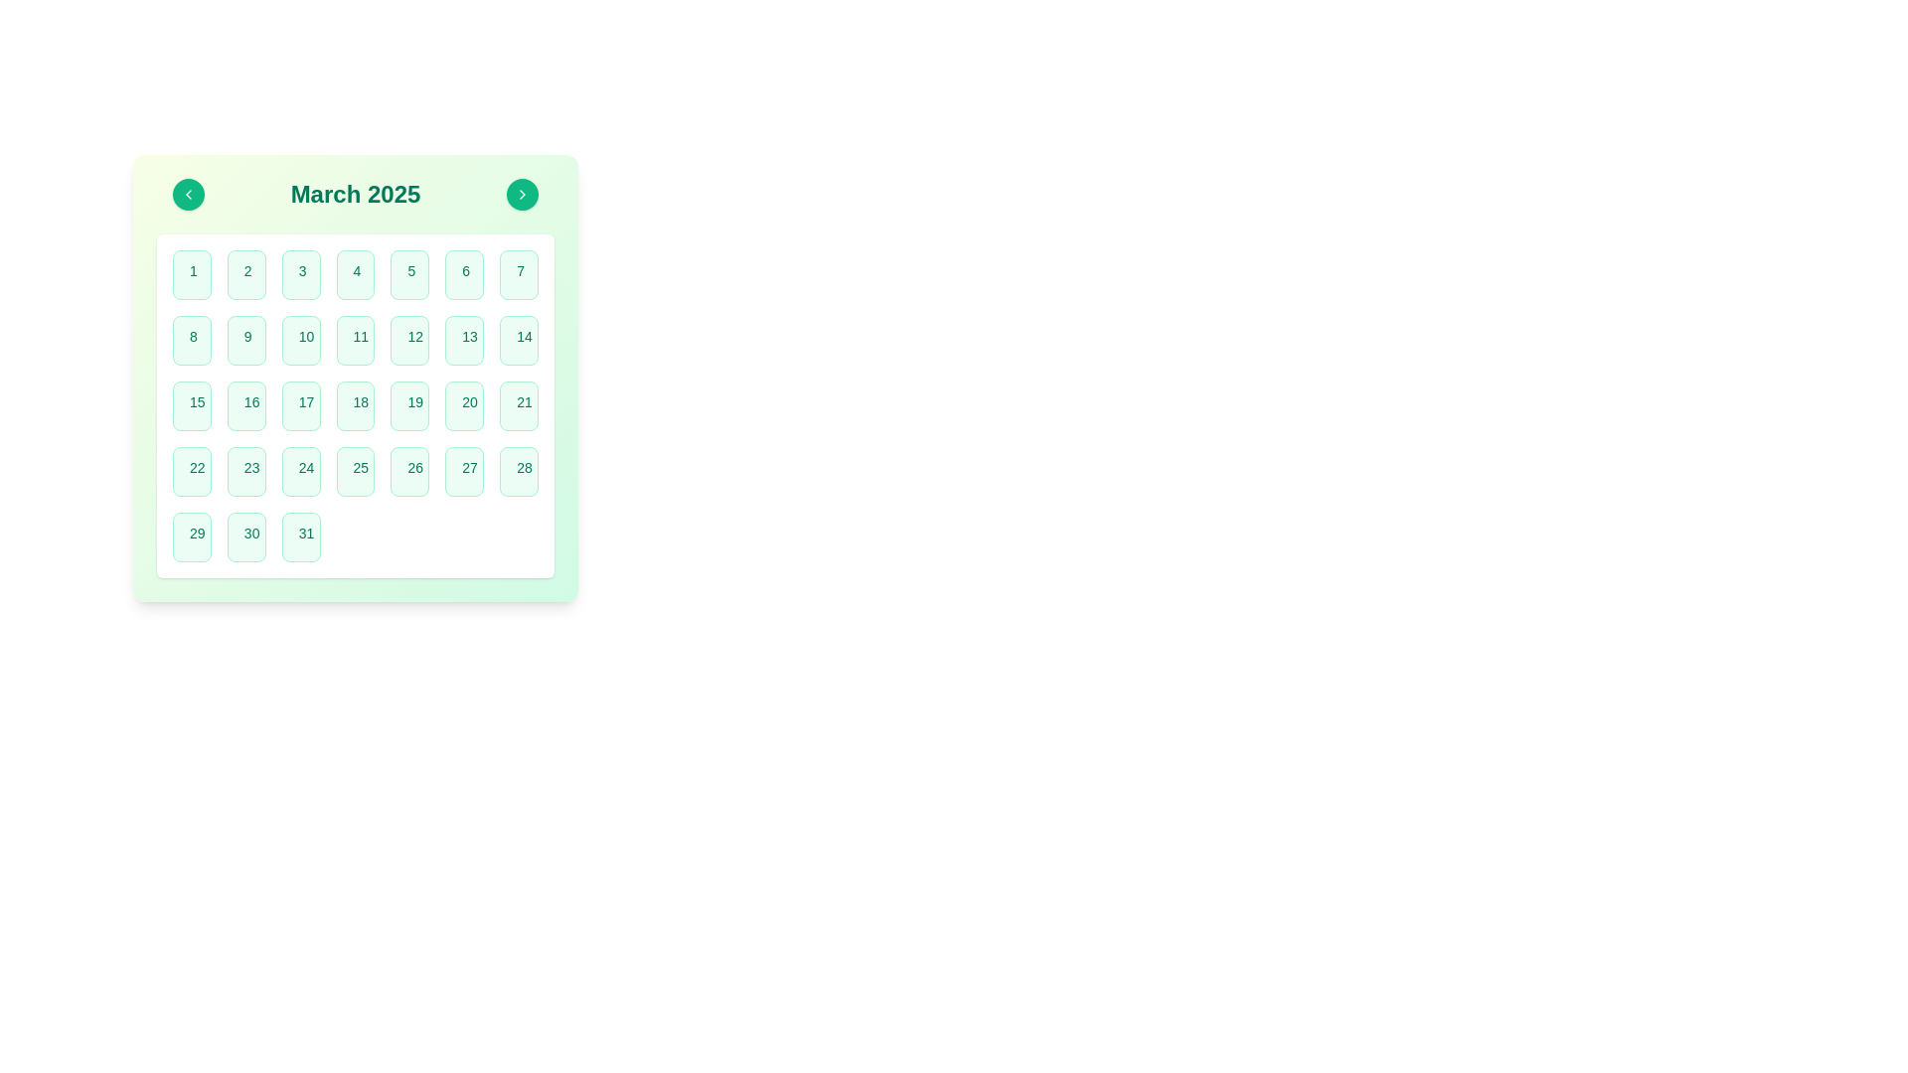 Image resolution: width=1908 pixels, height=1073 pixels. I want to click on the calendar day cell representing the 23rd day in the March 2025 monthly view, so click(245, 471).